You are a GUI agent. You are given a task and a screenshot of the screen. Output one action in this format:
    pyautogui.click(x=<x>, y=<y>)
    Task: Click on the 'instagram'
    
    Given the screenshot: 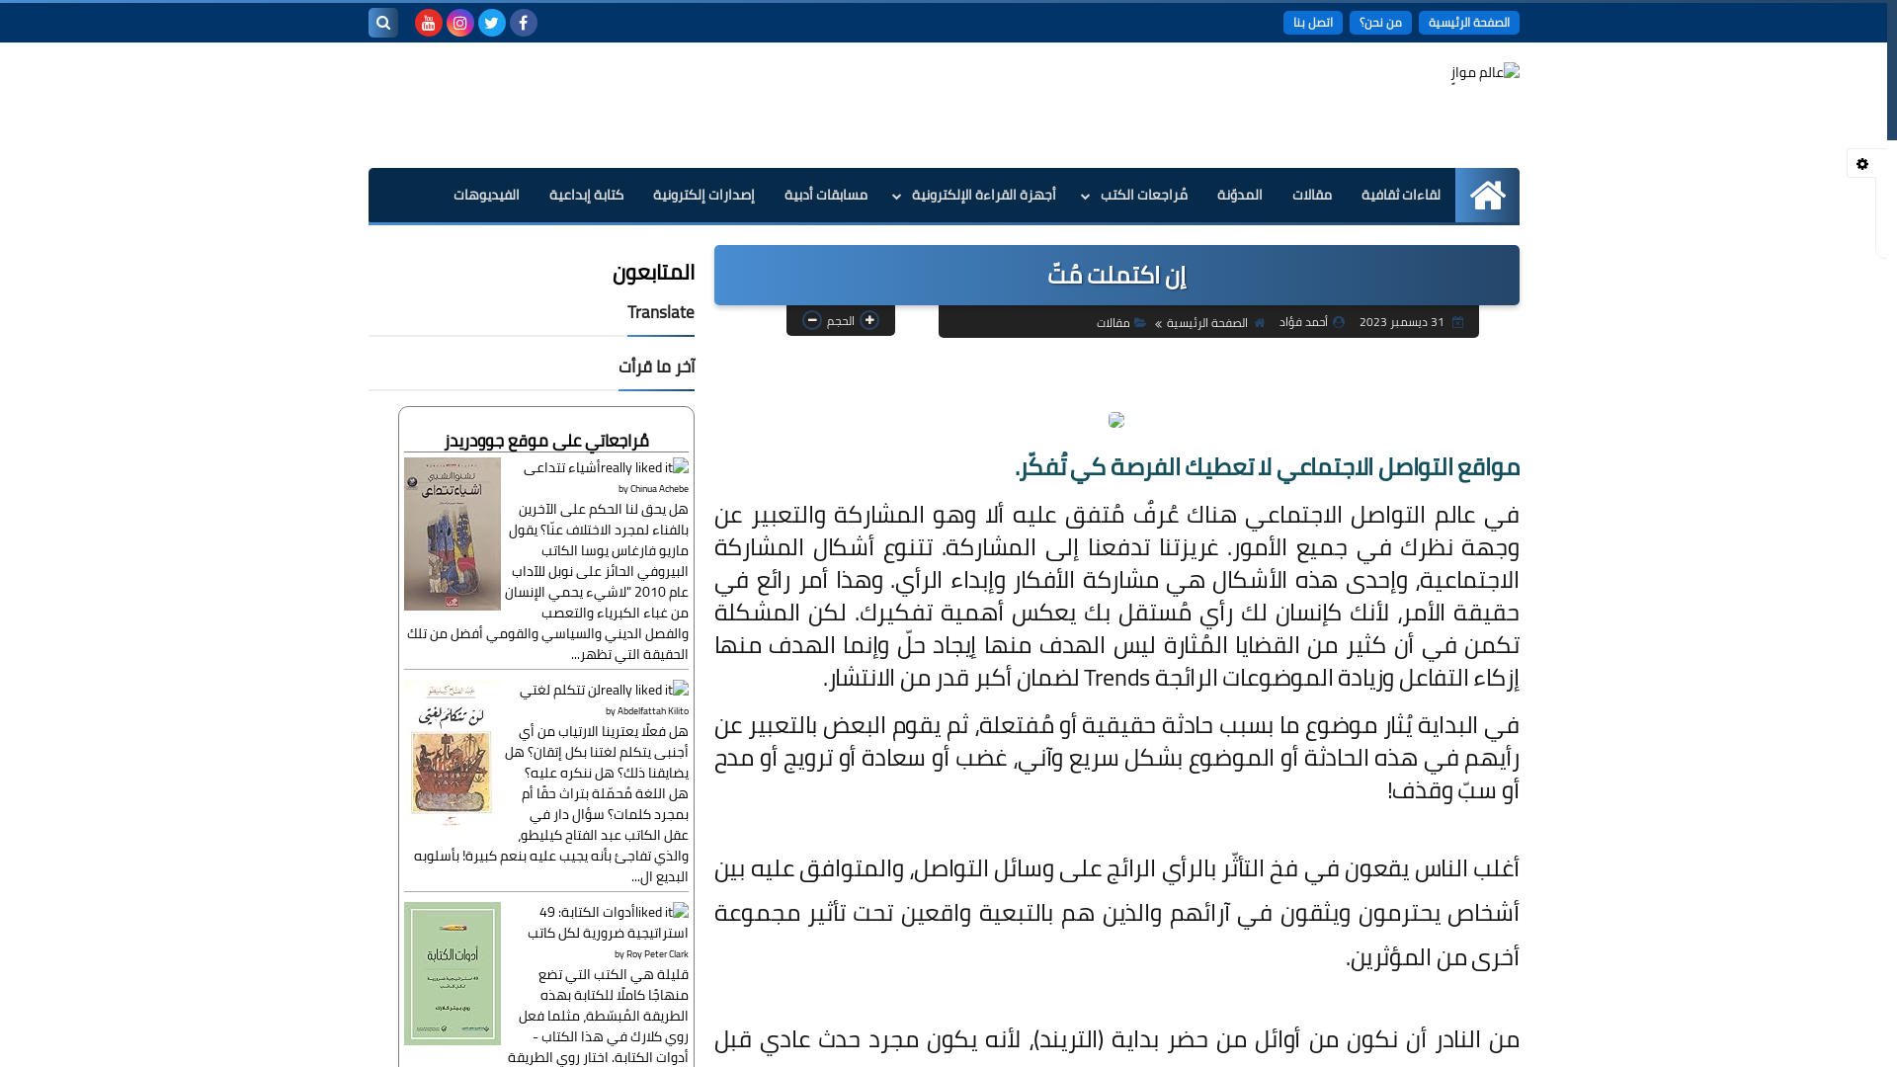 What is the action you would take?
    pyautogui.click(x=458, y=23)
    